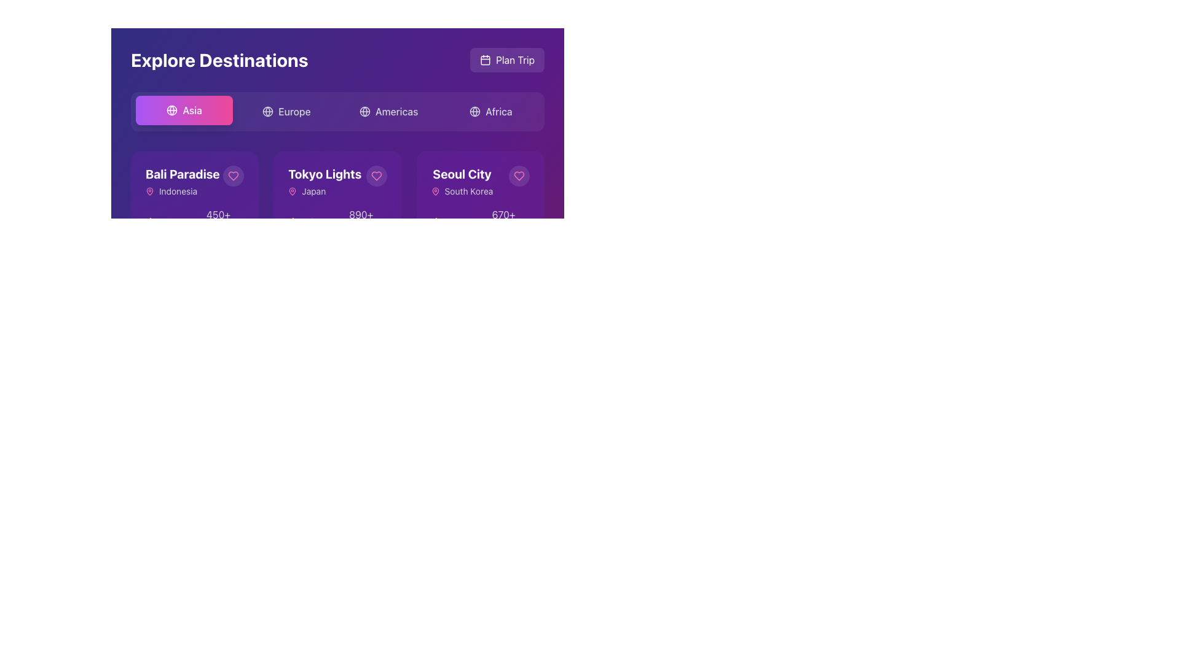  What do you see at coordinates (474, 111) in the screenshot?
I see `the circular portion of the globe icon associated with the 'Africa' region selection button located in the top navigation bar` at bounding box center [474, 111].